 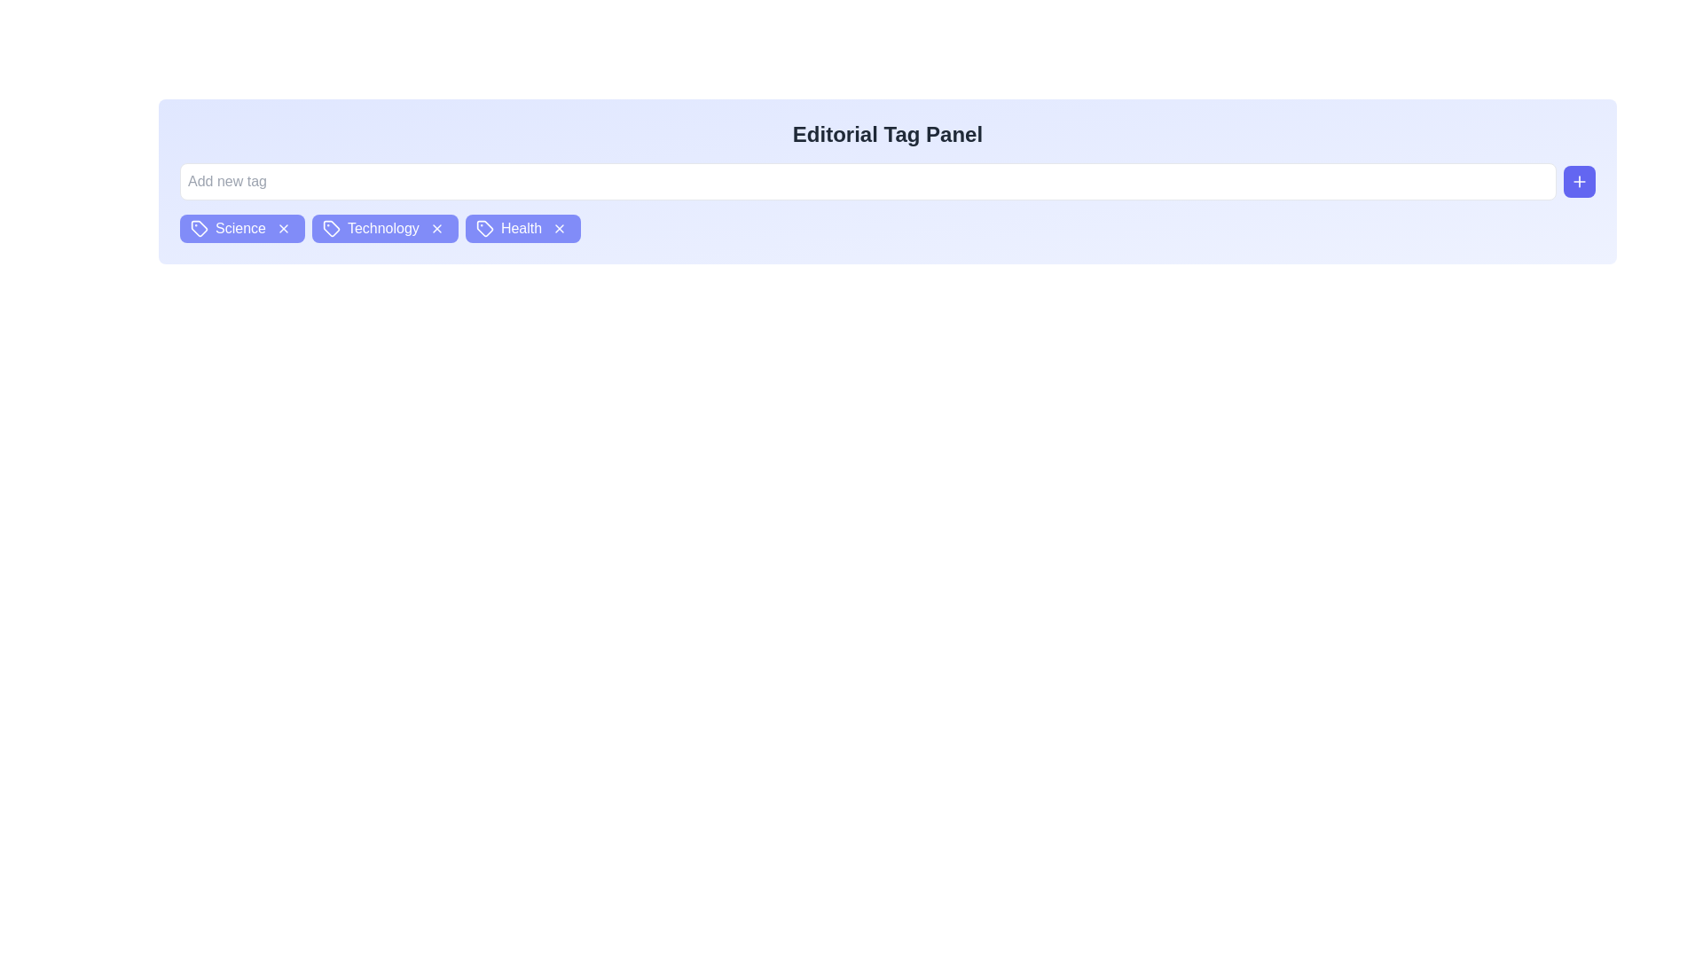 I want to click on the close button for the 'Science' tag, located at the right edge of the tag, to enable keyboard interaction, so click(x=282, y=228).